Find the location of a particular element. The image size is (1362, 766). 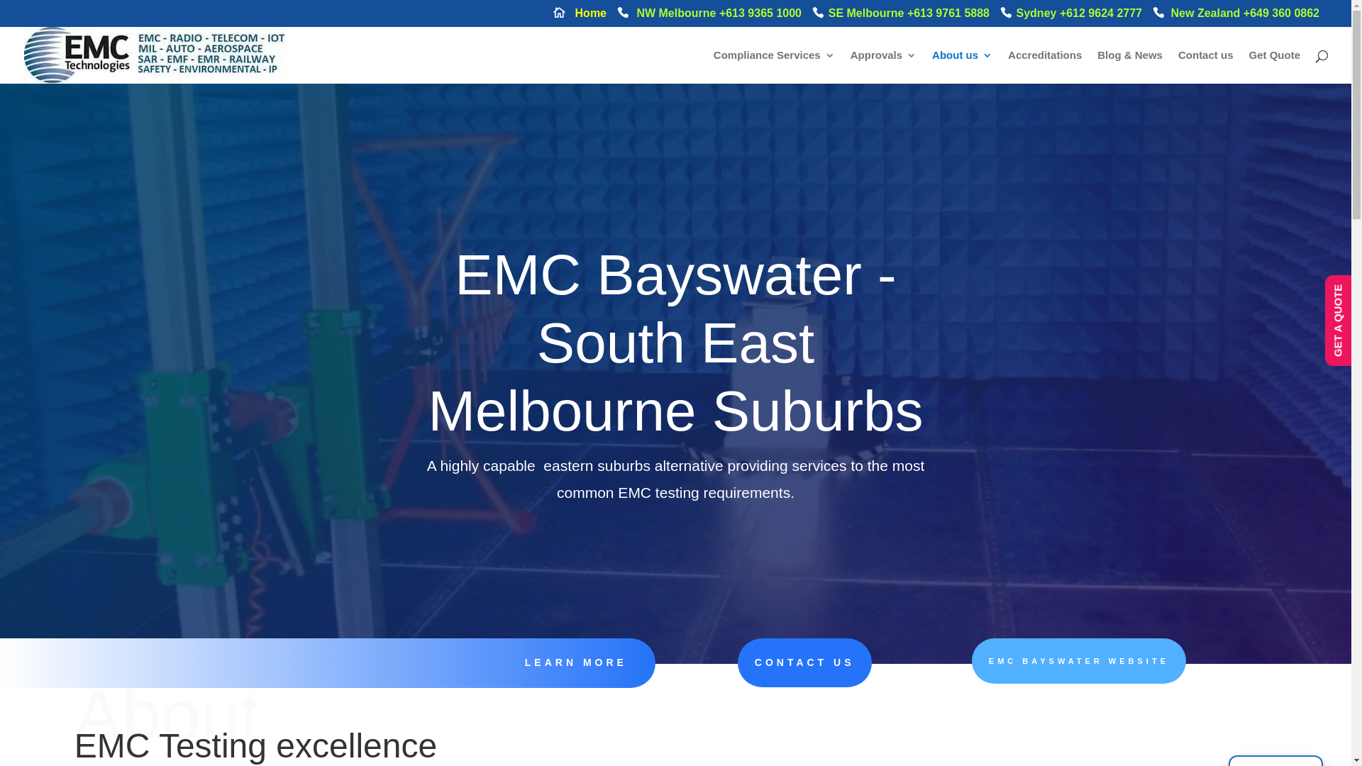

'Compliance Services' is located at coordinates (773, 67).